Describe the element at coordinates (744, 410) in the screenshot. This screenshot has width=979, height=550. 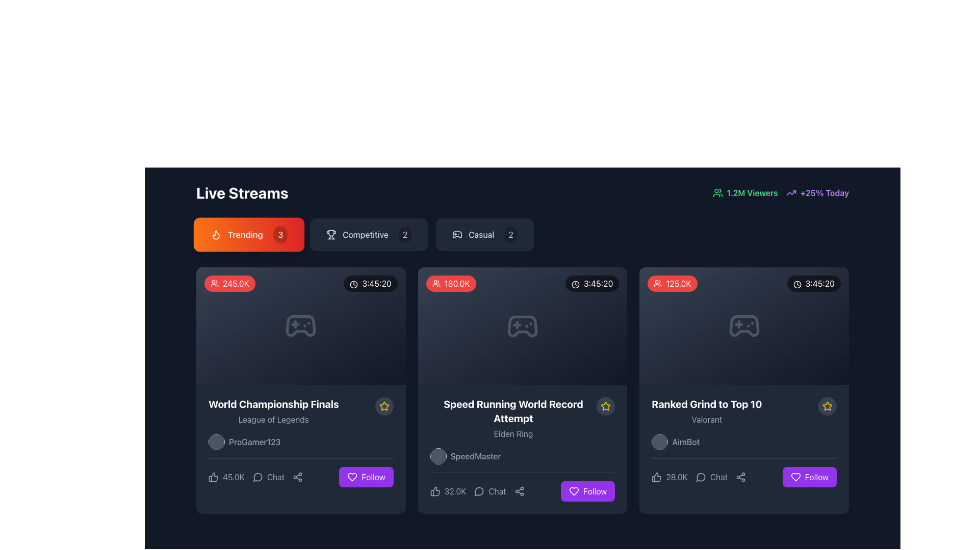
I see `the text block displaying 'Ranked Grind to Top 10' in bold white text above 'Valorant' in smaller gray text, located in the third card under the 'Live Streams' section` at that location.